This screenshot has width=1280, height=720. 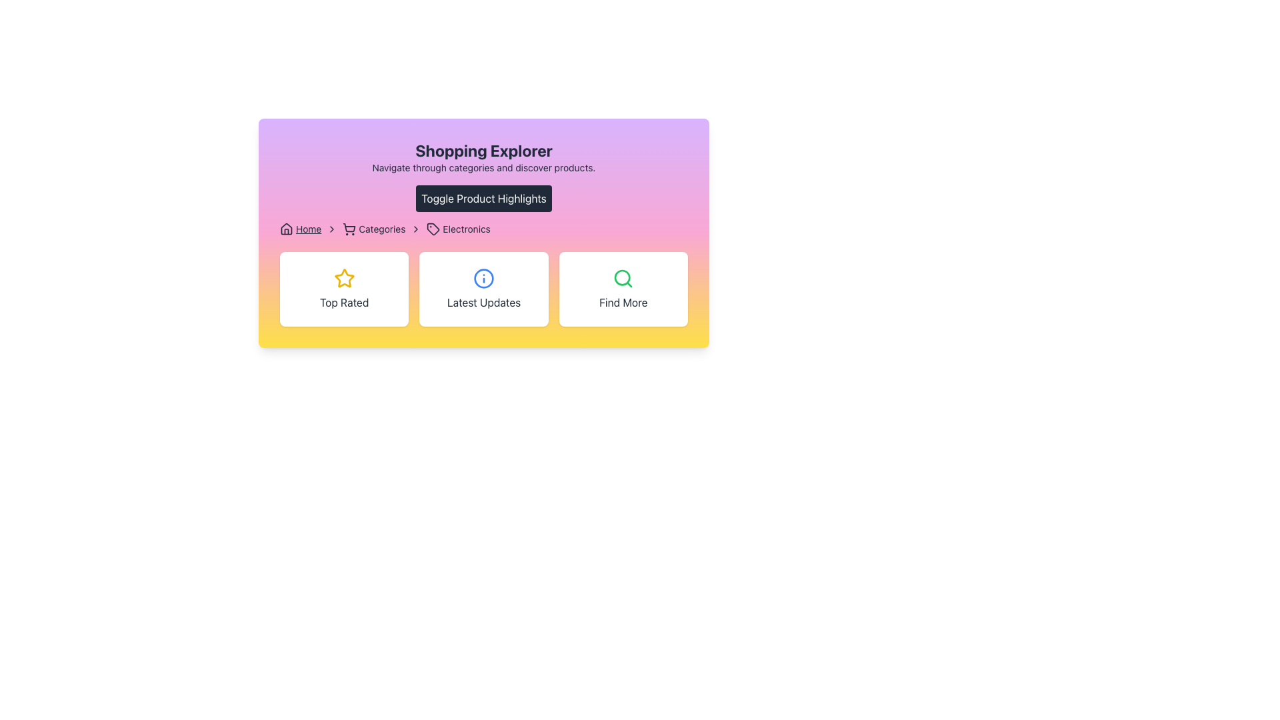 I want to click on the shopping cart icon located in the breadcrumb navigation bar, positioned before the 'Categories' label, so click(x=349, y=228).